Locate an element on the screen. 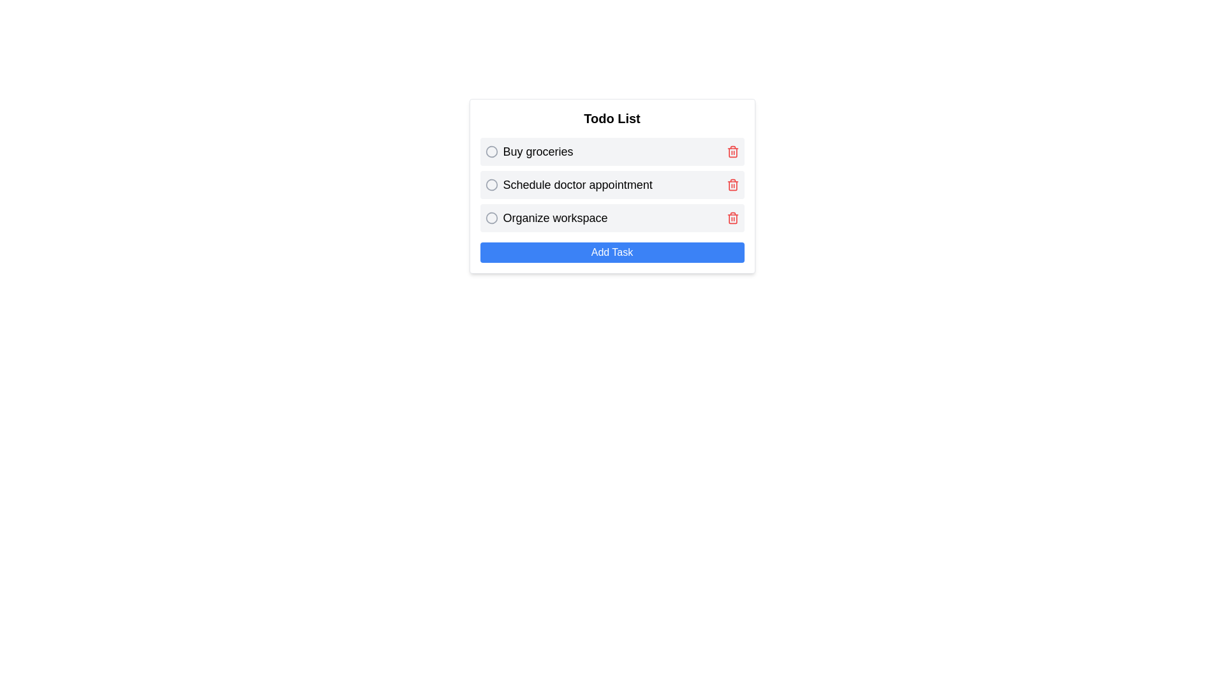  the checkbox of the second task item in the to-do list is located at coordinates (568, 184).